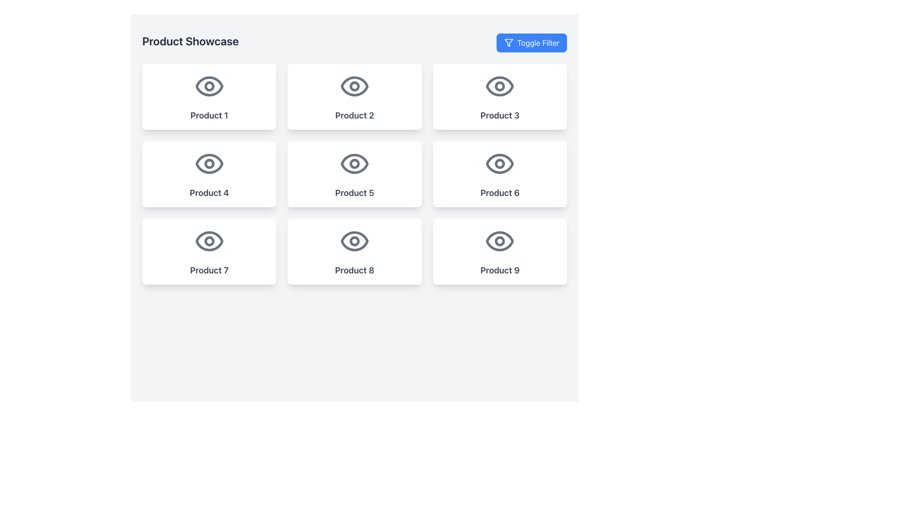  Describe the element at coordinates (499, 86) in the screenshot. I see `the area within the eye icon representing the outer contour of an eye, which is part of the icon for the 'Product 3' card` at that location.